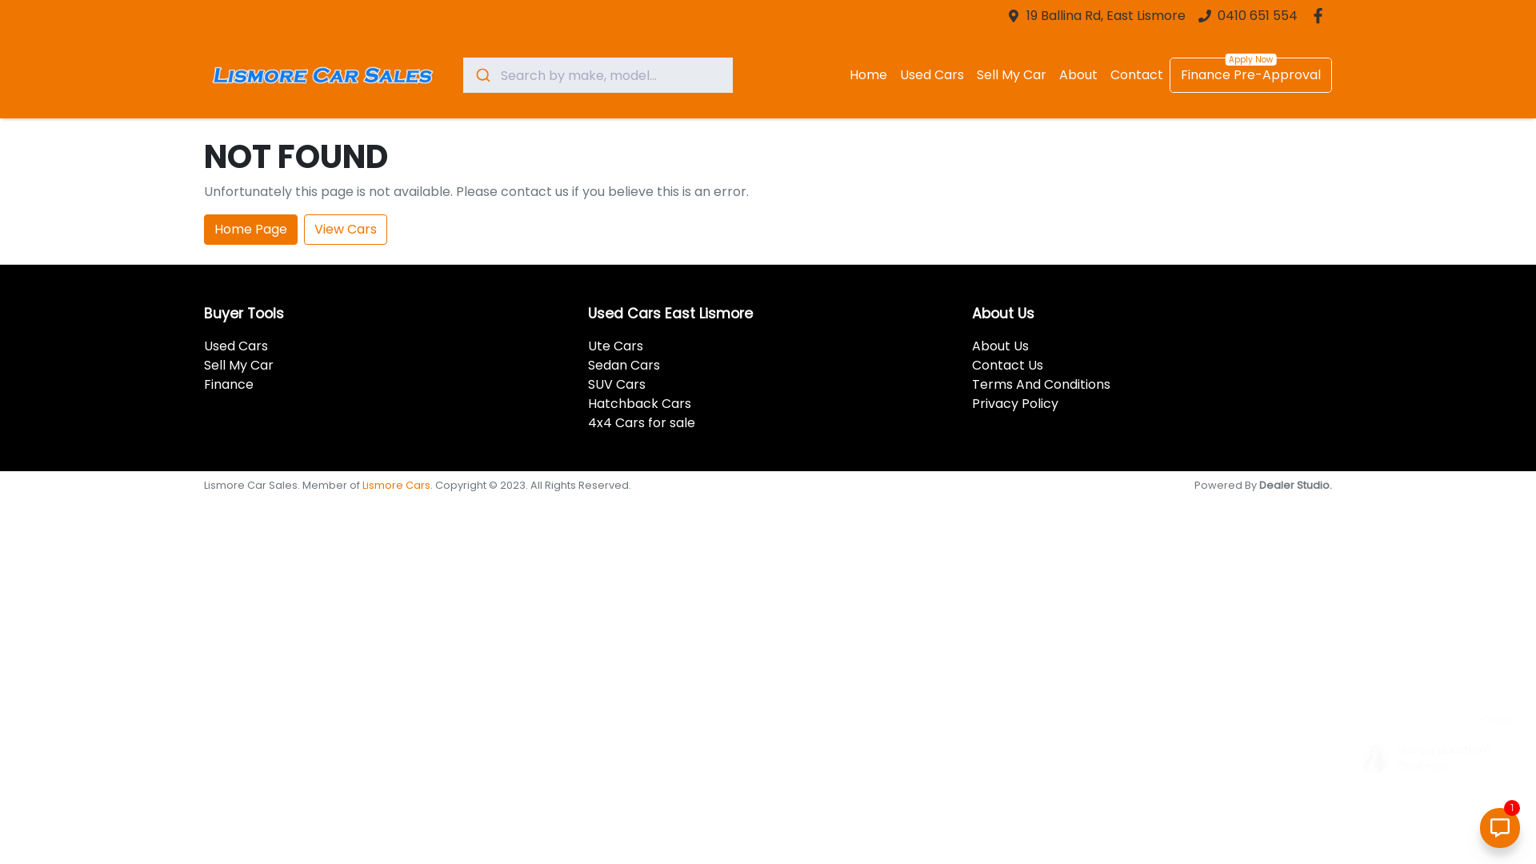  Describe the element at coordinates (622, 365) in the screenshot. I see `'Sedan Cars'` at that location.